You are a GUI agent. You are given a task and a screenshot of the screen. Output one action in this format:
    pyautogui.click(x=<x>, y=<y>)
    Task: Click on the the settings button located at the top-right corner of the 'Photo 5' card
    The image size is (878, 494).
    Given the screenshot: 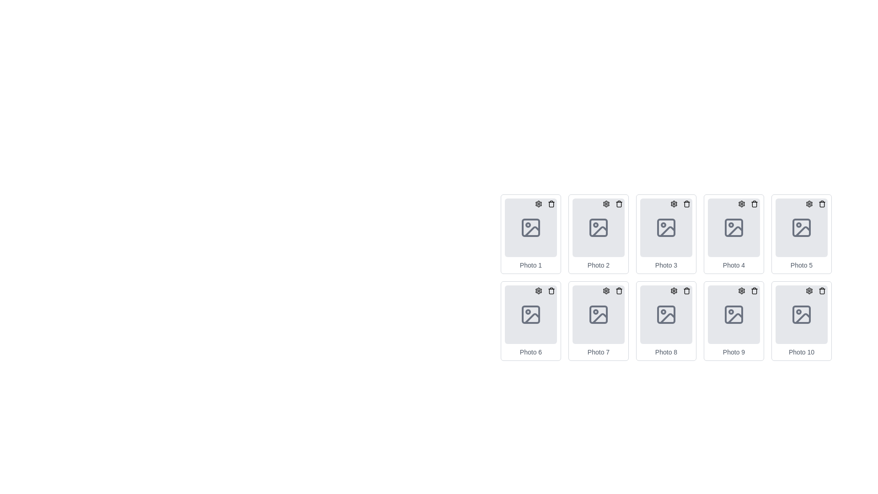 What is the action you would take?
    pyautogui.click(x=809, y=204)
    